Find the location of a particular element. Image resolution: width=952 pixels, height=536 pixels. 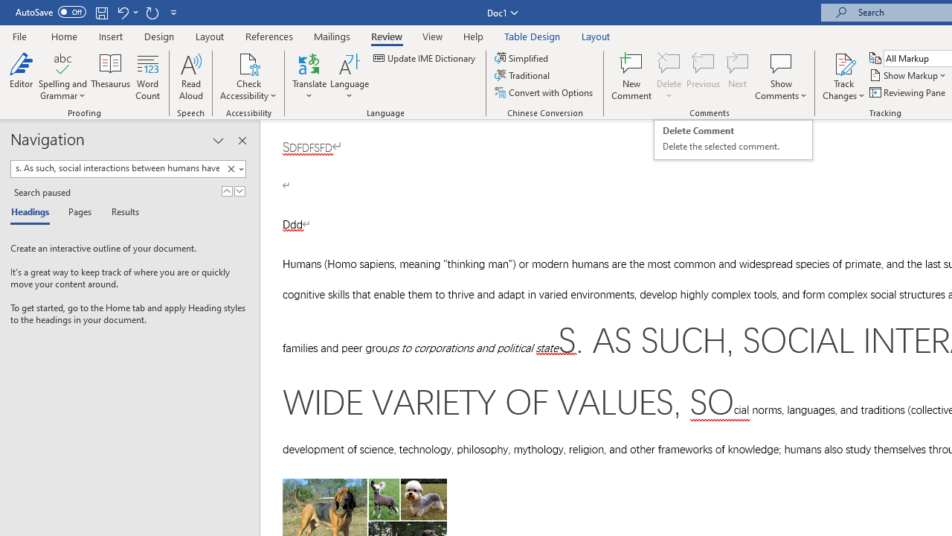

'Clear' is located at coordinates (233, 168).